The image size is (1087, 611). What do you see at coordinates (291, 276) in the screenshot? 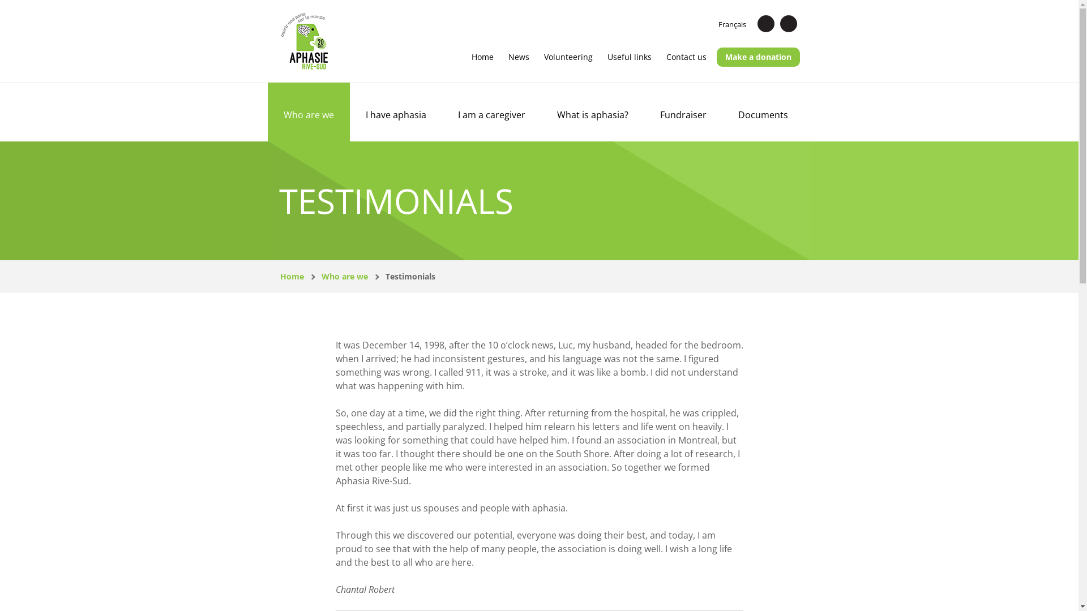
I see `'Home'` at bounding box center [291, 276].